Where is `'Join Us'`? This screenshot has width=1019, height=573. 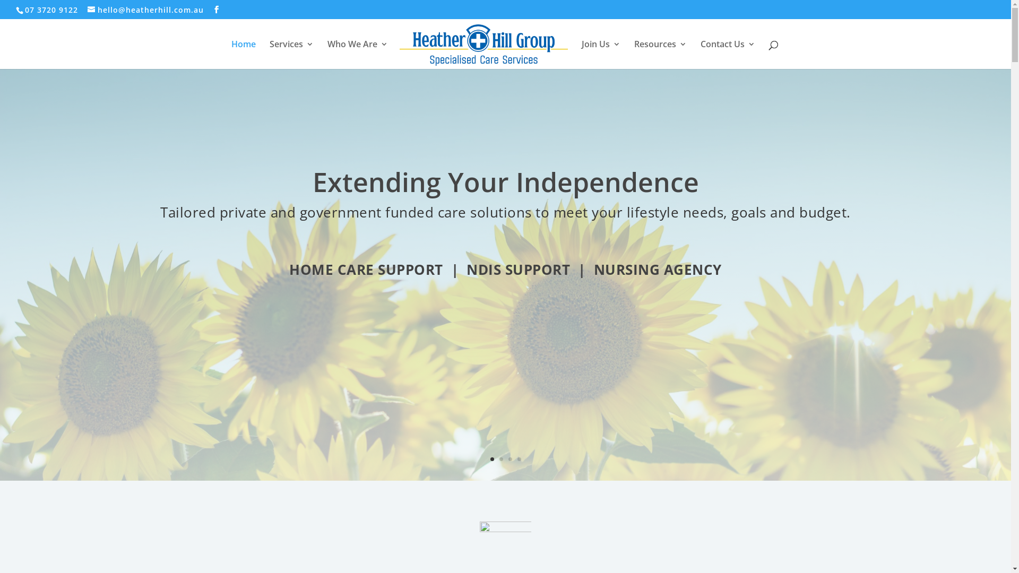
'Join Us' is located at coordinates (601, 55).